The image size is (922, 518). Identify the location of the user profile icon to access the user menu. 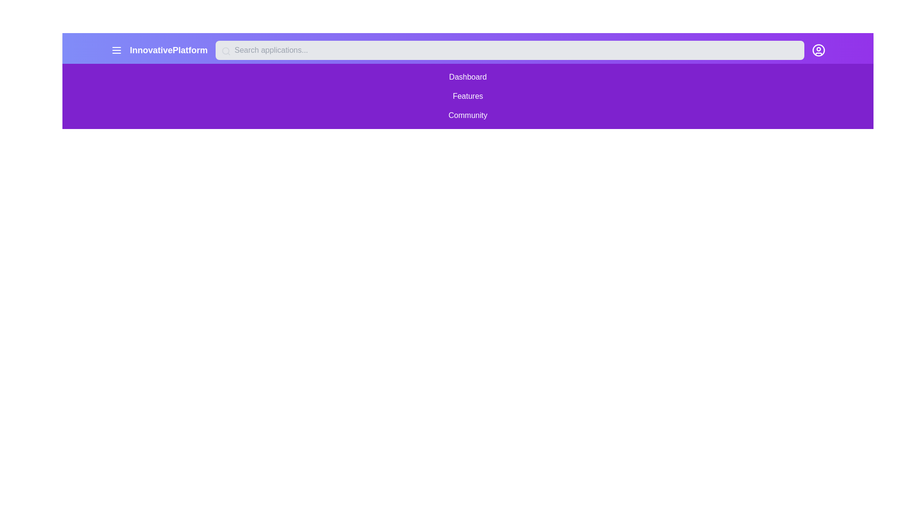
(818, 50).